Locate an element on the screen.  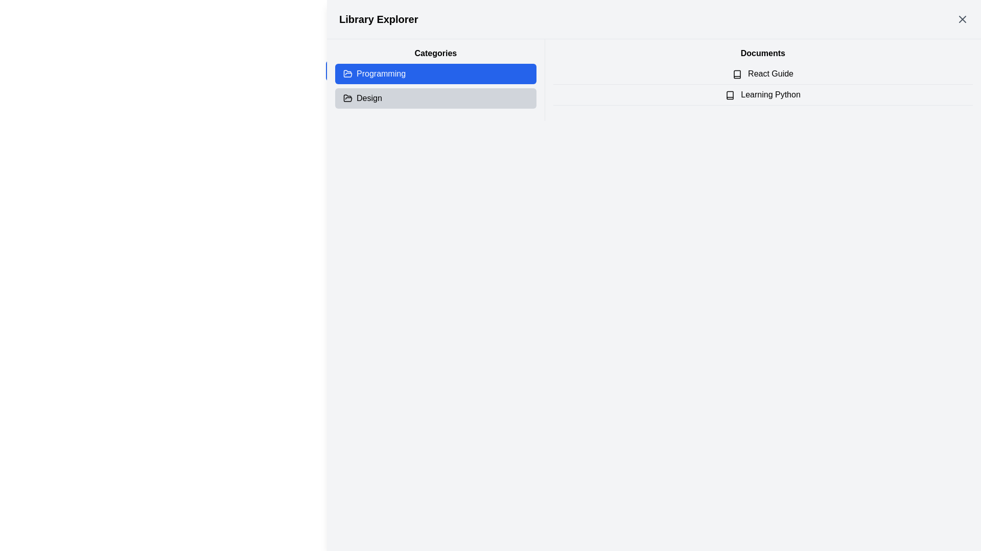
the 'Programming' category button located in the left panel under 'Categories' is located at coordinates (436, 80).